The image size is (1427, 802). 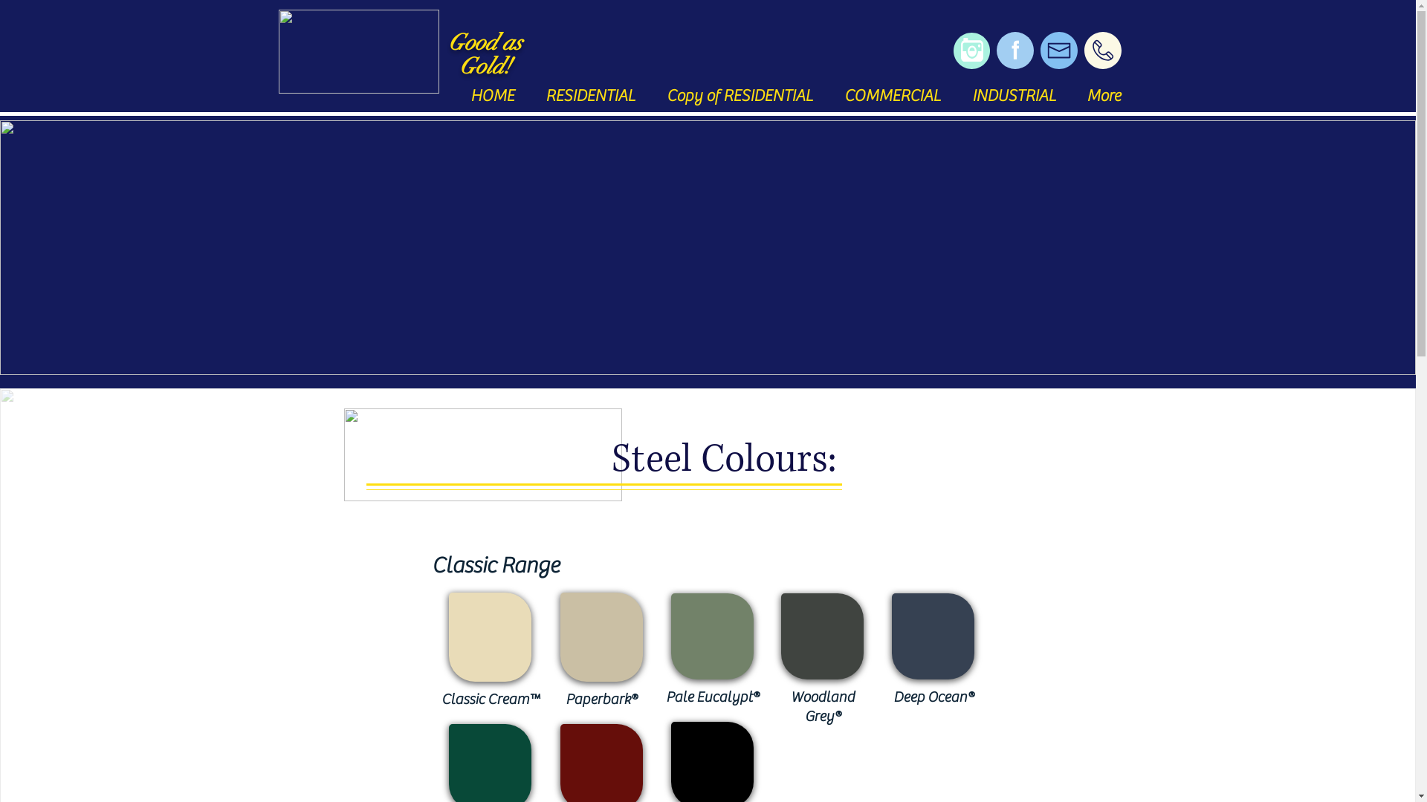 What do you see at coordinates (1013, 50) in the screenshot?
I see `'f'` at bounding box center [1013, 50].